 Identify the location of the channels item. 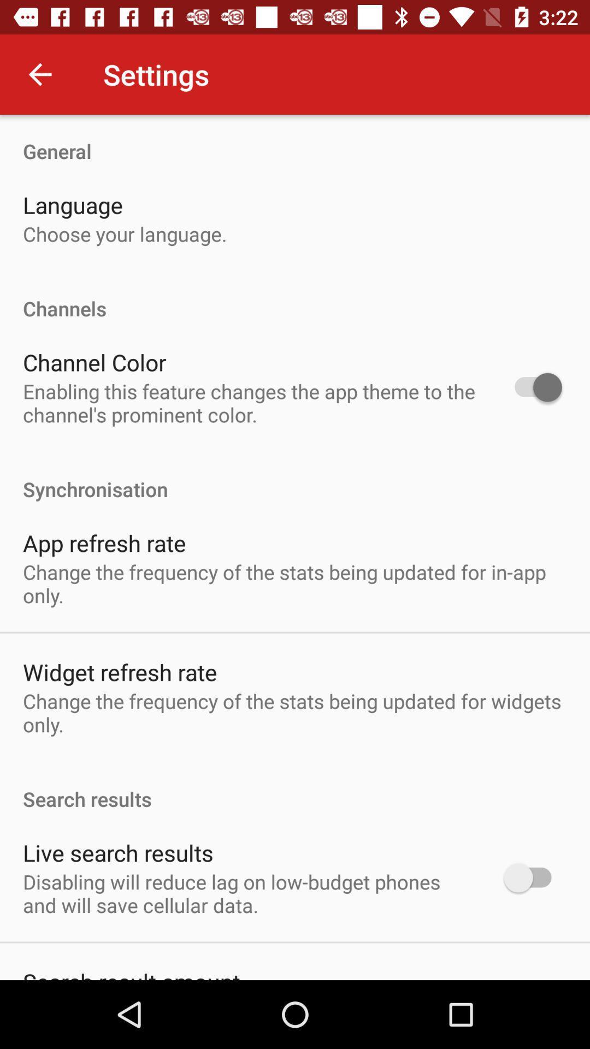
(295, 297).